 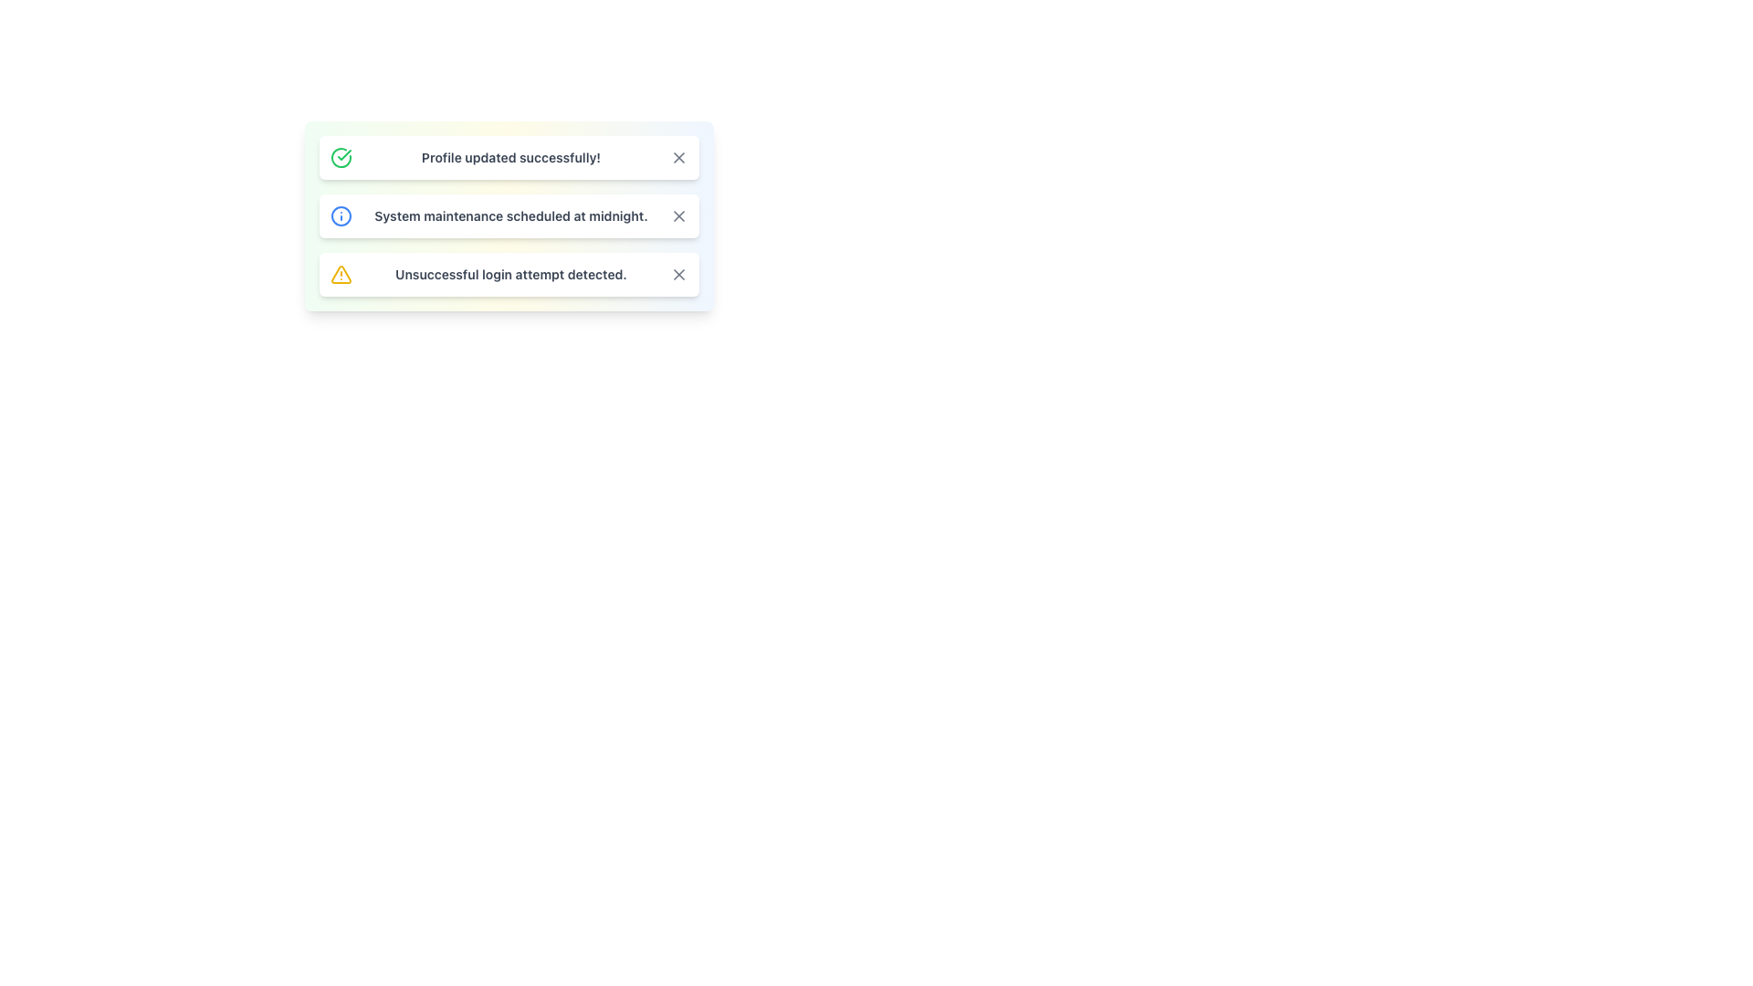 What do you see at coordinates (678, 215) in the screenshot?
I see `the small, square-shaped button with an 'X' icon in the notification banner to change its color` at bounding box center [678, 215].